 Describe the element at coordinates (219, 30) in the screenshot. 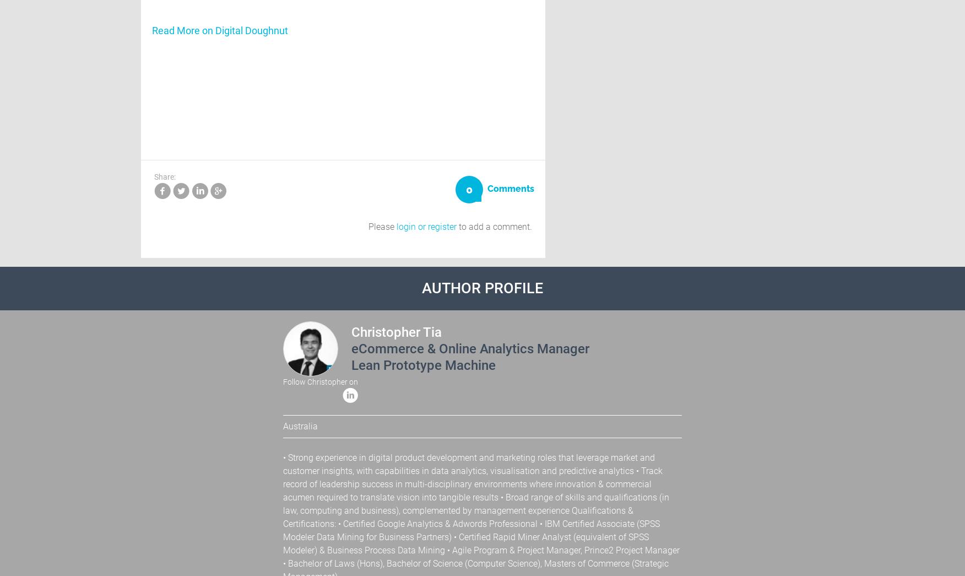

I see `'Read More on Digital Doughnut'` at that location.